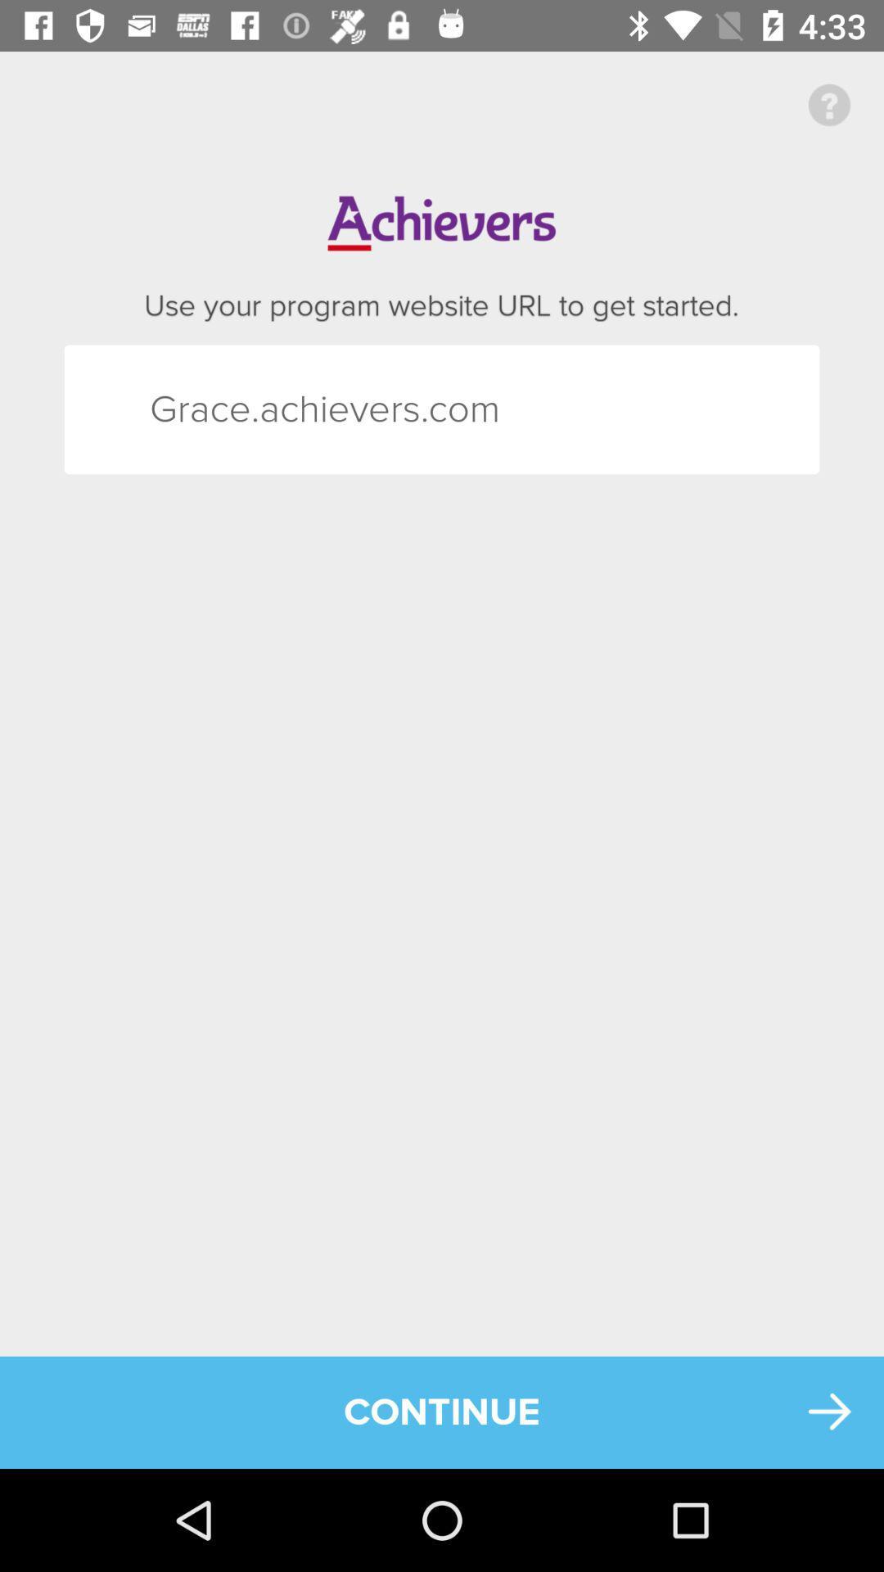 This screenshot has width=884, height=1572. What do you see at coordinates (830, 105) in the screenshot?
I see `icon at the top right corner` at bounding box center [830, 105].